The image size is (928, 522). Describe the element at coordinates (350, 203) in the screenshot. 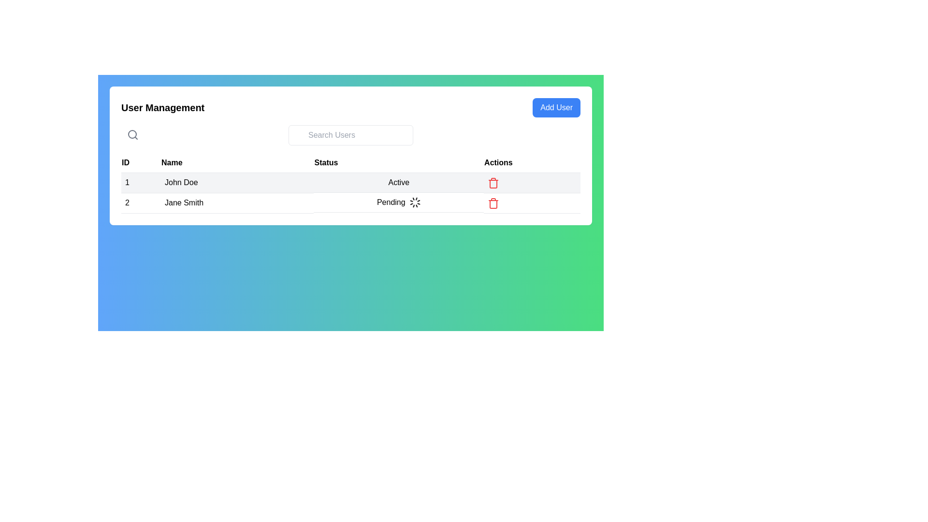

I see `the status cell in the second row of the 'User Management' table, which displays information about the user 'Jane Smith'` at that location.